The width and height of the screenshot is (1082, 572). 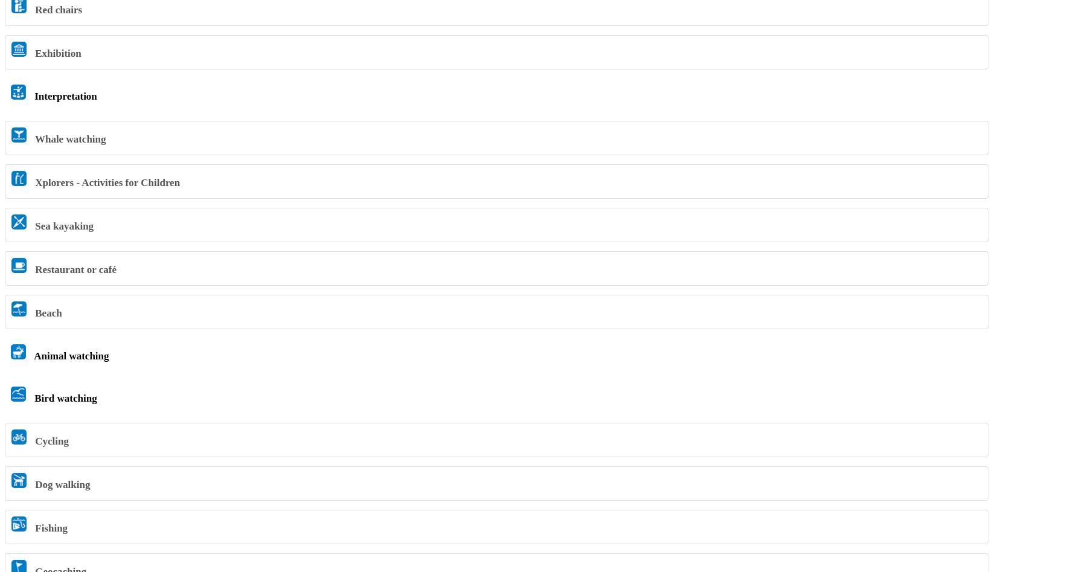 I want to click on 'Bird watching', so click(x=64, y=397).